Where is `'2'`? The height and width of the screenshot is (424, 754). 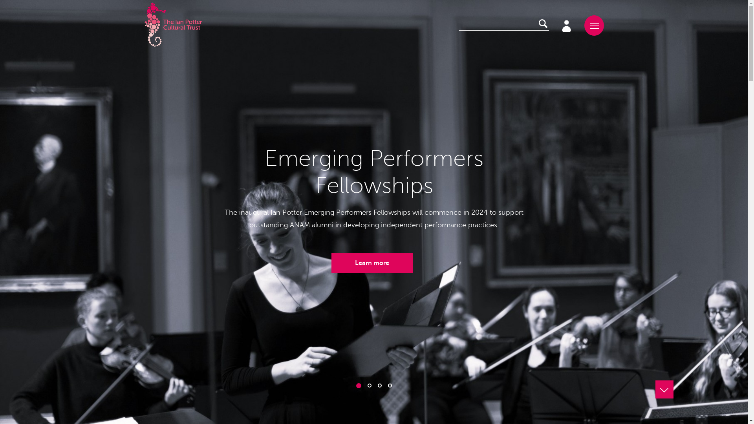 '2' is located at coordinates (369, 385).